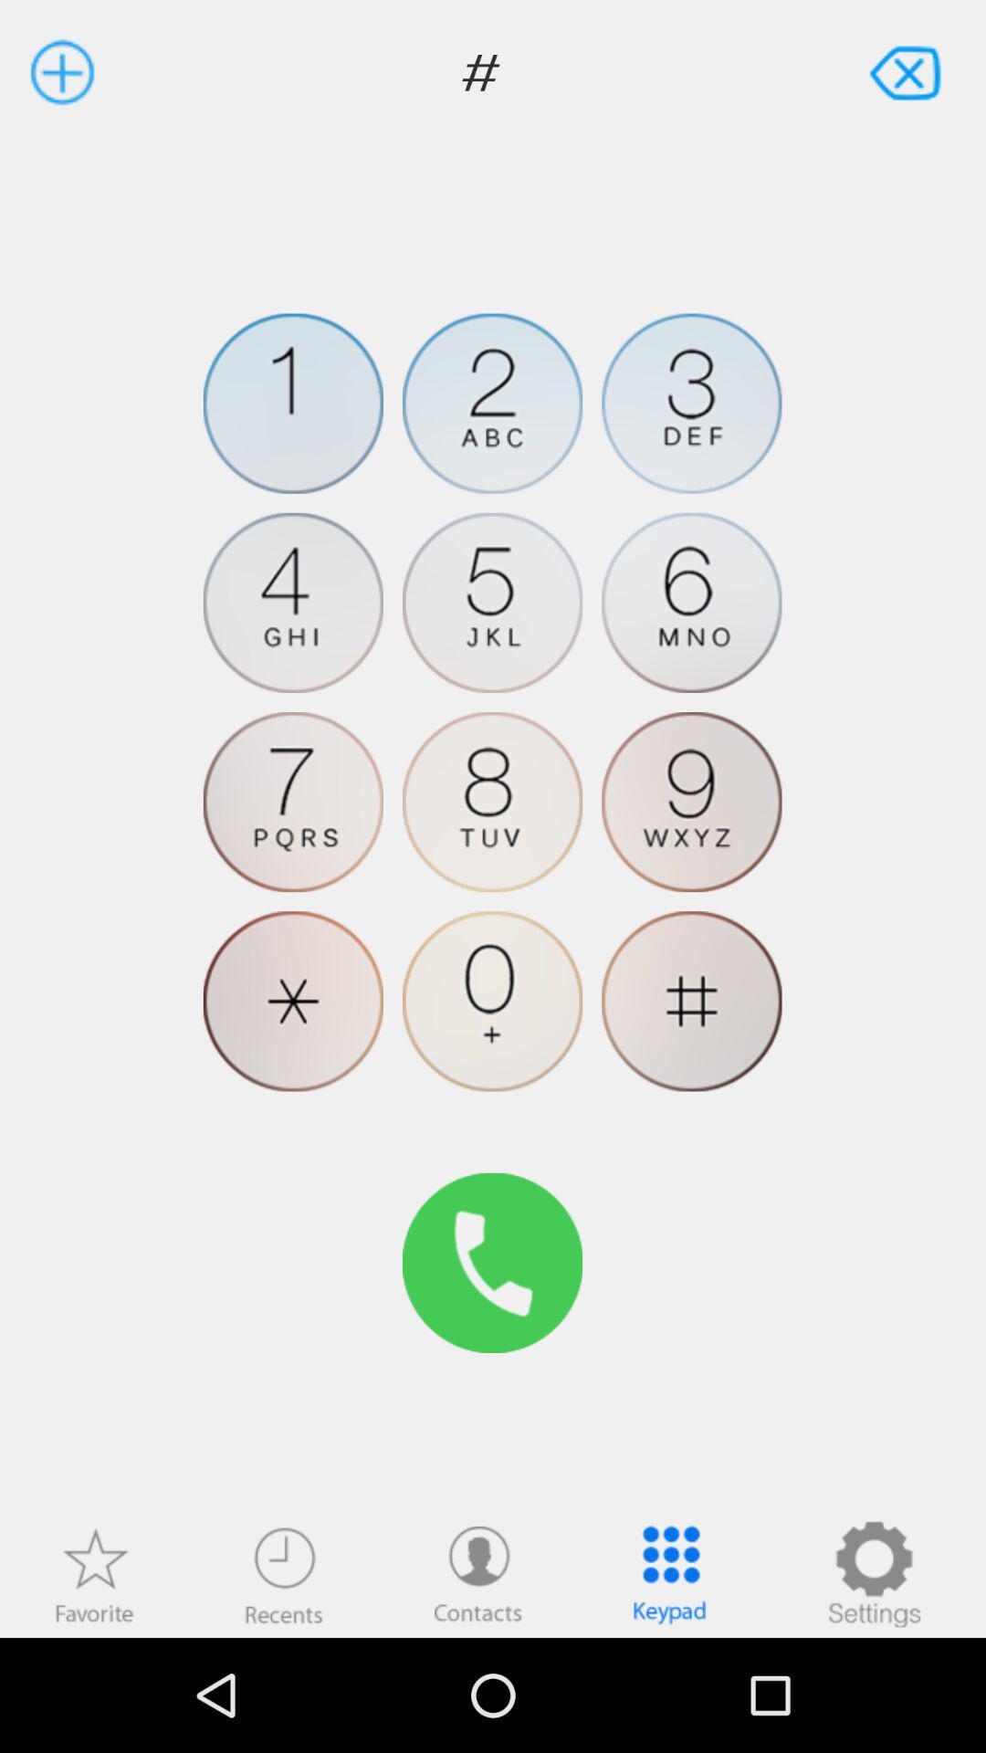 The width and height of the screenshot is (986, 1753). What do you see at coordinates (691, 403) in the screenshot?
I see `item below the # app` at bounding box center [691, 403].